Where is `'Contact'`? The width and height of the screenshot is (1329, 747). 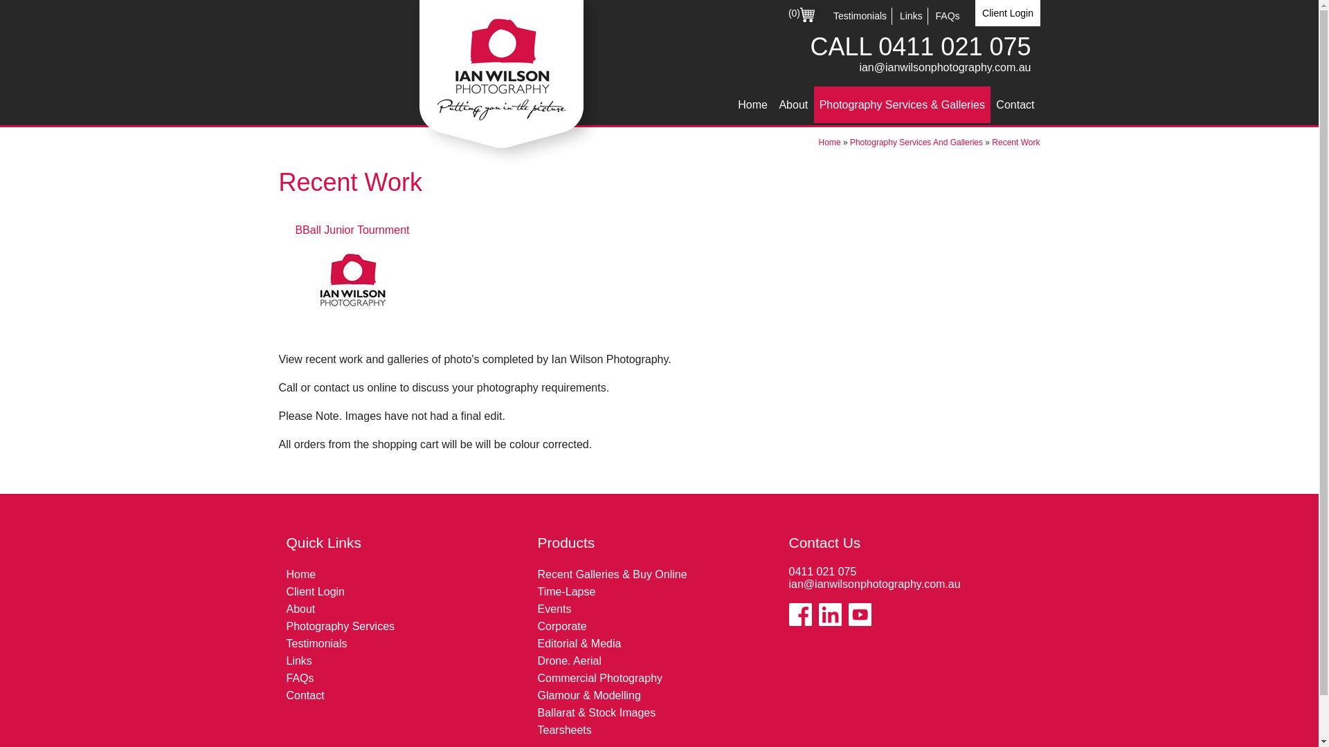
'Contact' is located at coordinates (285, 695).